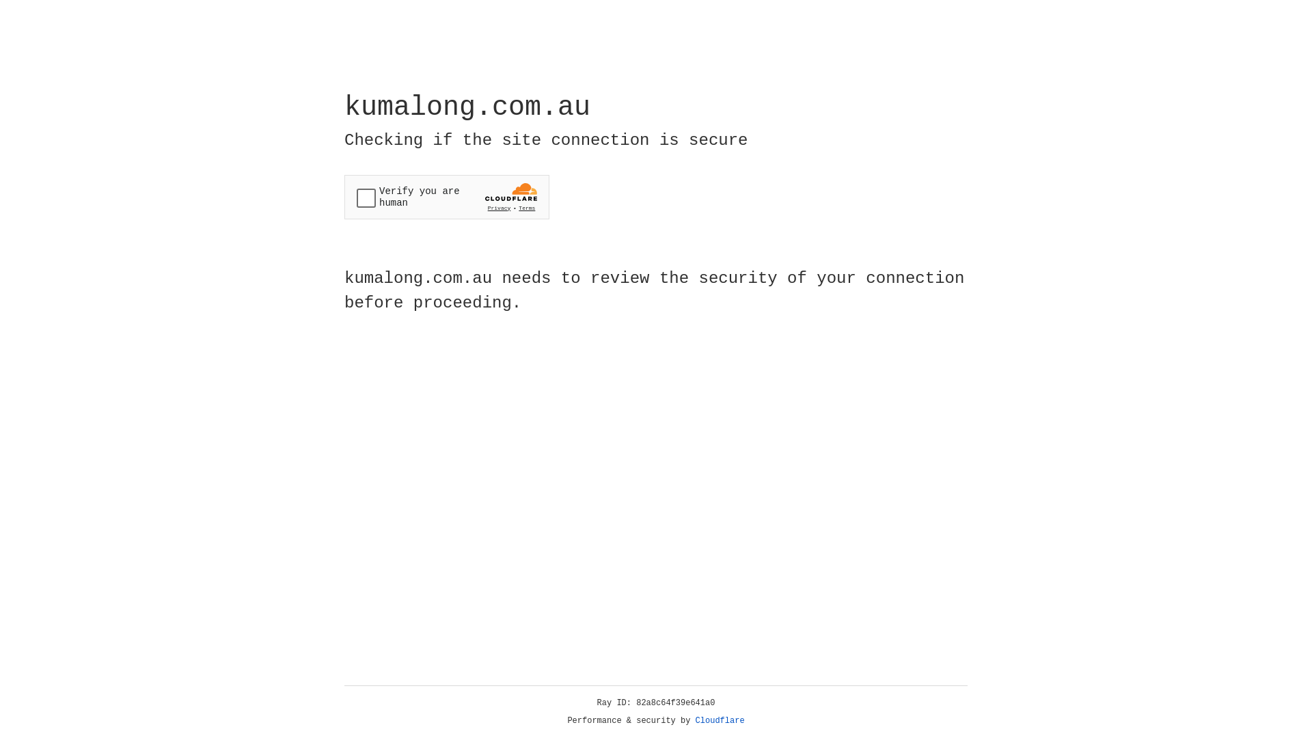 The width and height of the screenshot is (1312, 738). I want to click on 'Widget containing a Cloudflare security challenge', so click(446, 197).